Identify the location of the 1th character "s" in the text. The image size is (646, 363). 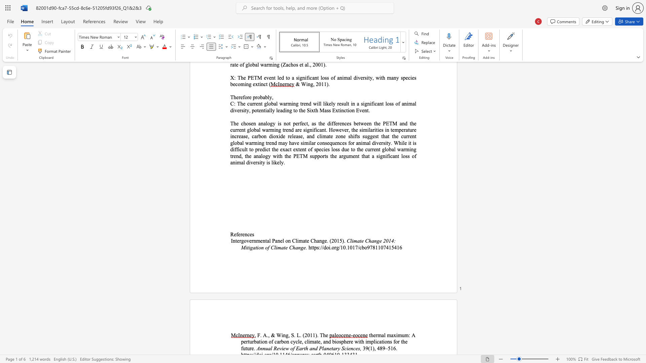
(253, 234).